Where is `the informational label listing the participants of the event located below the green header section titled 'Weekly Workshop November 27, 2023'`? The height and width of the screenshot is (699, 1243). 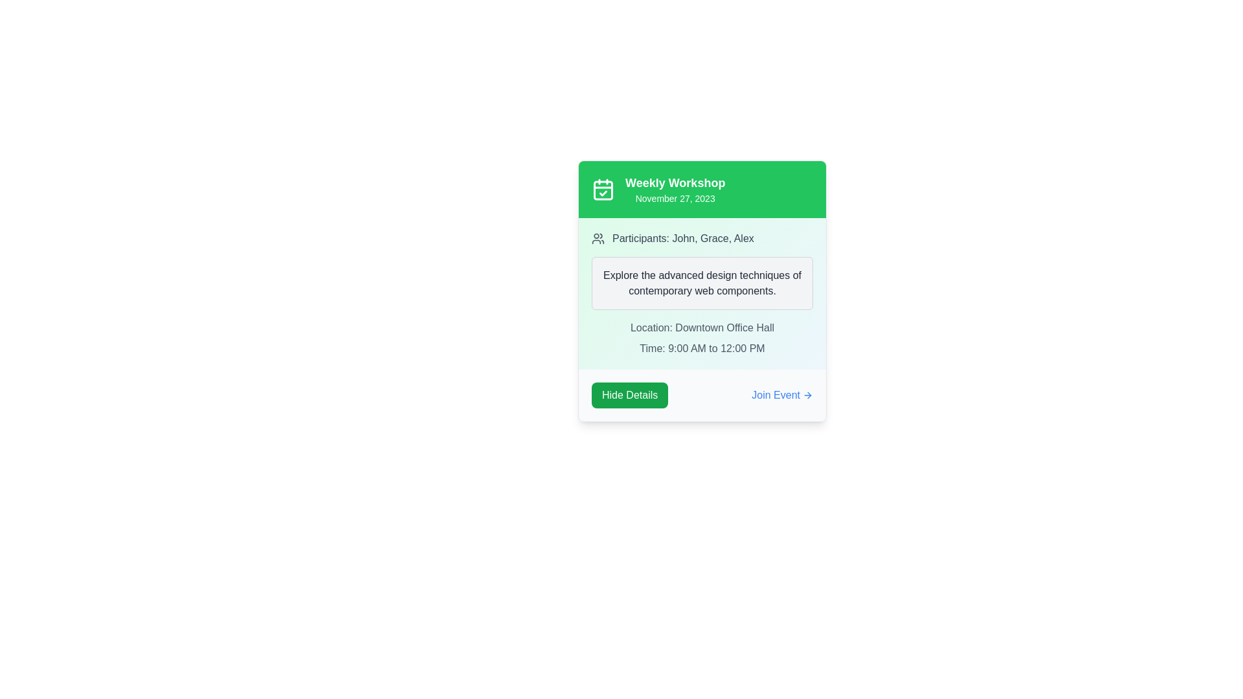 the informational label listing the participants of the event located below the green header section titled 'Weekly Workshop November 27, 2023' is located at coordinates (701, 239).